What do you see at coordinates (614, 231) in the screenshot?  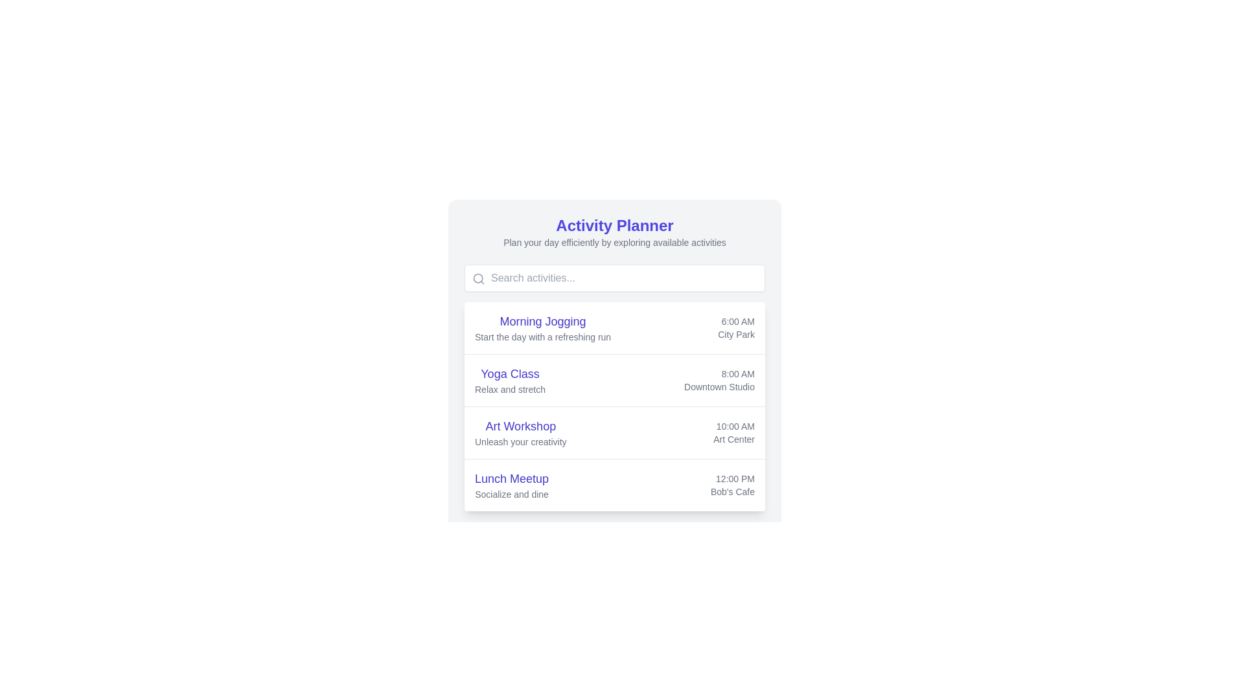 I see `the text block titled 'Activity Planner' which features a large indigo title and a smaller gray subtitle, located at the top of a card-style section` at bounding box center [614, 231].